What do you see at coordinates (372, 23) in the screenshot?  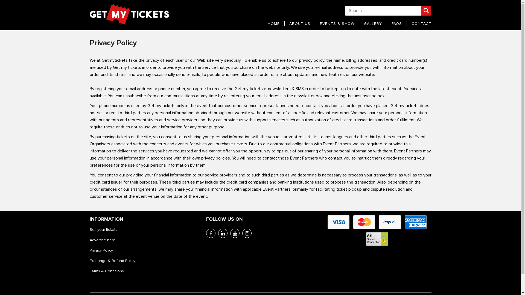 I see `'GALLERY'` at bounding box center [372, 23].